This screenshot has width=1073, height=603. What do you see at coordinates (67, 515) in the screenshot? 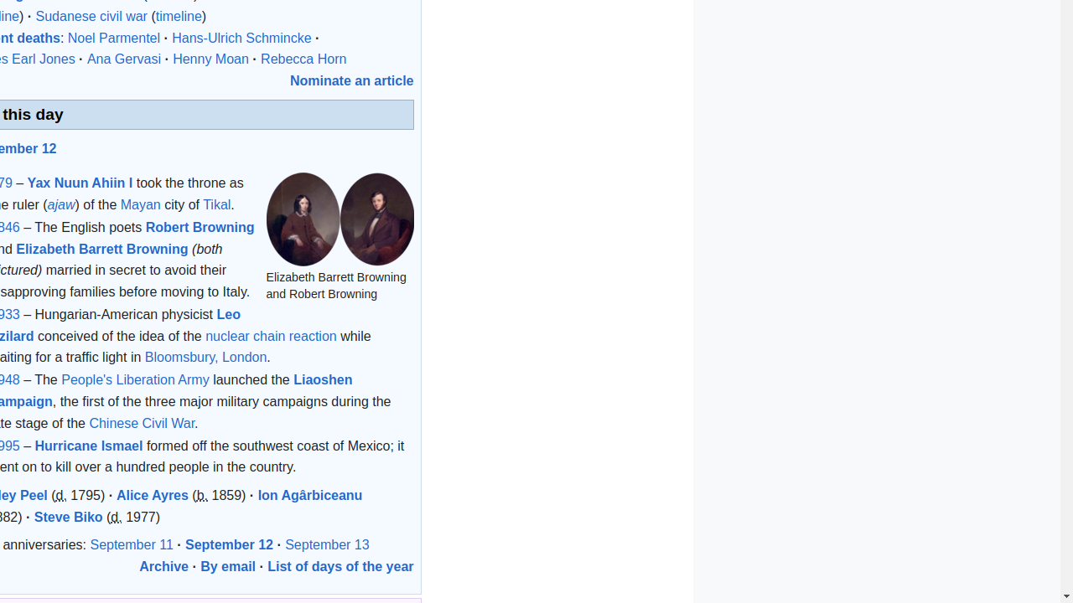
I see `'Steve Biko'` at bounding box center [67, 515].